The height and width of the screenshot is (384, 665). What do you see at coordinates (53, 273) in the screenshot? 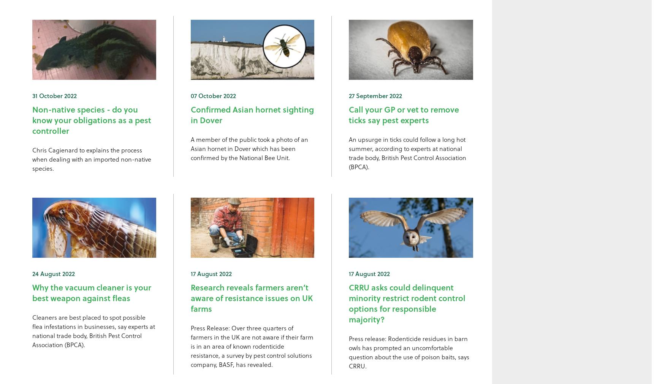
I see `'24 August 2022'` at bounding box center [53, 273].